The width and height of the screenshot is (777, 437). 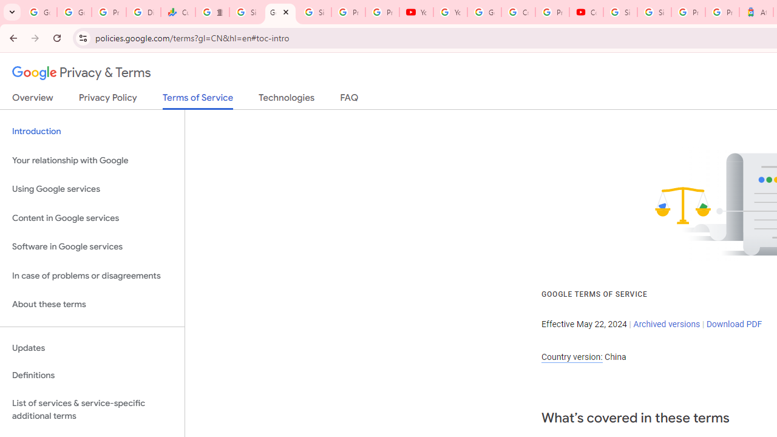 I want to click on 'Create your Google Account', so click(x=518, y=12).